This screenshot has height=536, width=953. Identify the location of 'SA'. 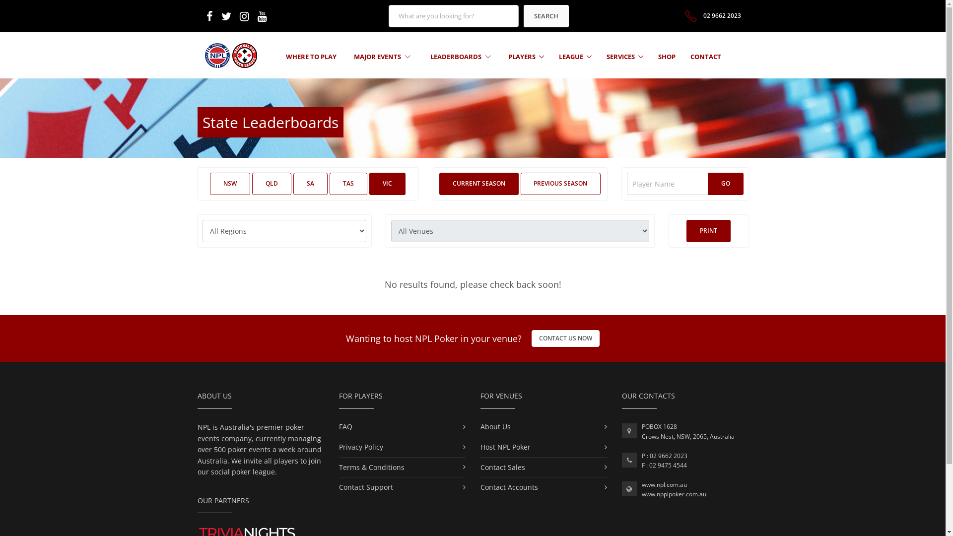
(310, 184).